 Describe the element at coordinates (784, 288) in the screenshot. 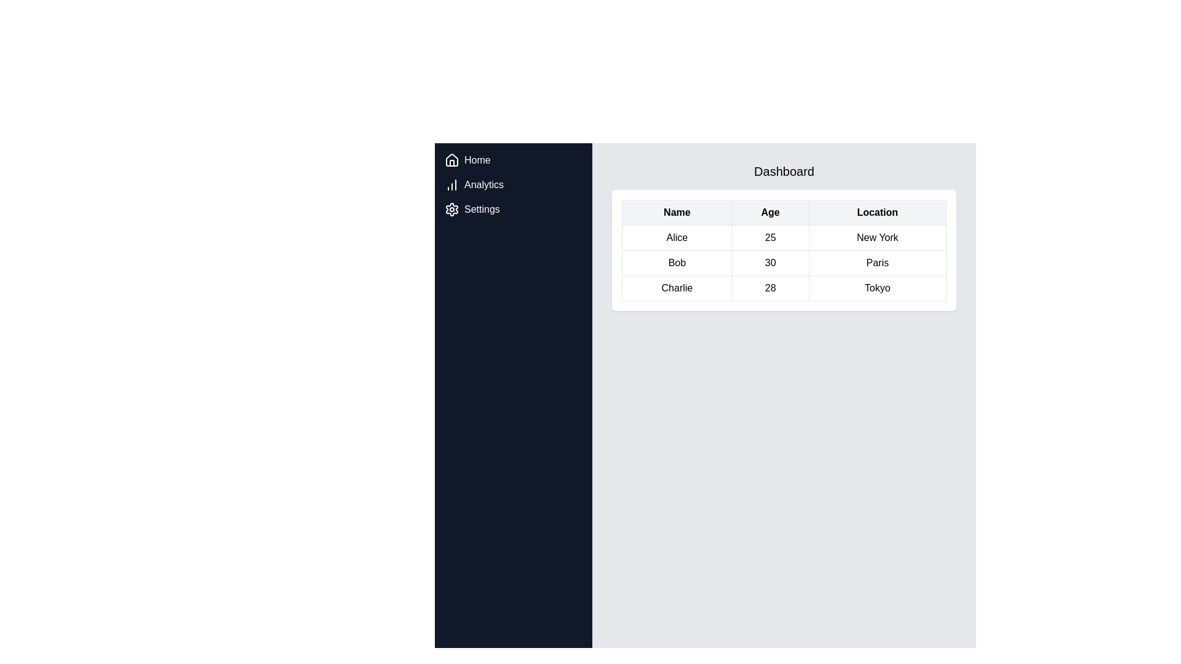

I see `the table row displaying the name 'Charlie', age '28', and location 'Tokyo'` at that location.